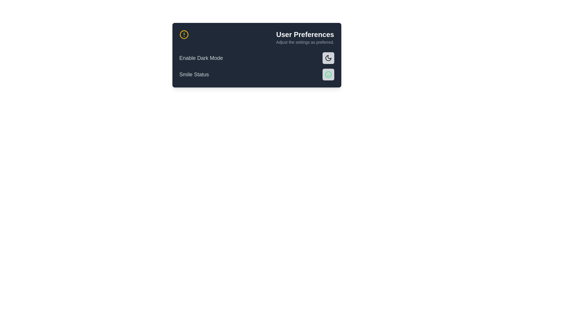 The height and width of the screenshot is (317, 563). I want to click on the second interactive button in the 'Smile Status' section, so click(328, 74).